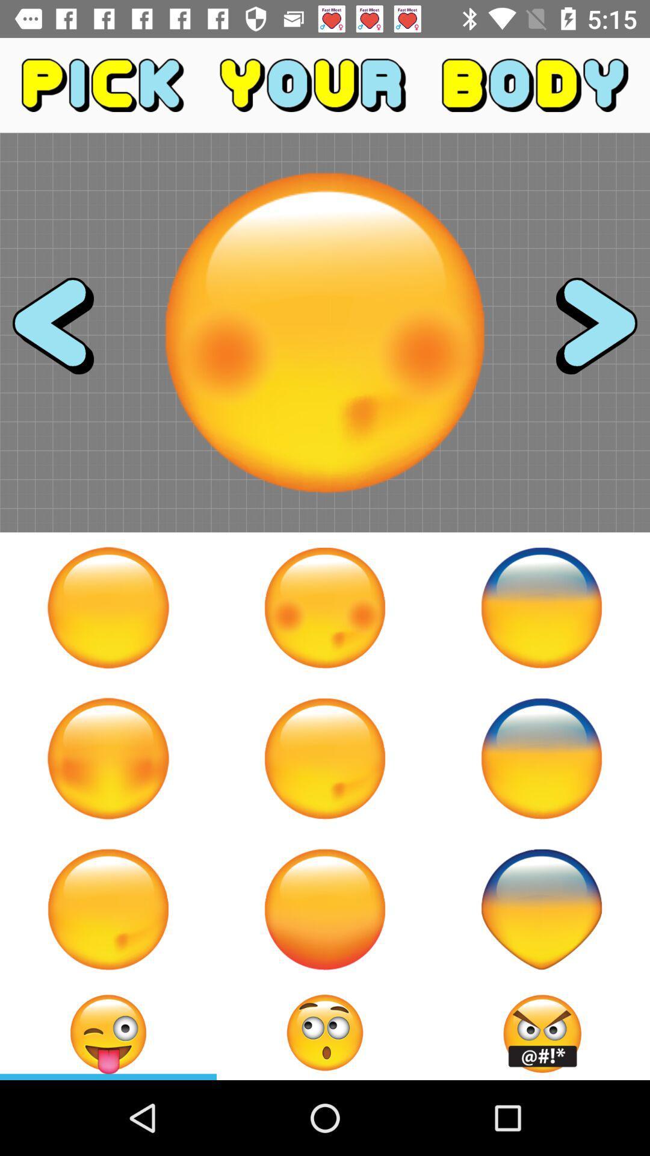  I want to click on the emoji icon, so click(325, 1032).